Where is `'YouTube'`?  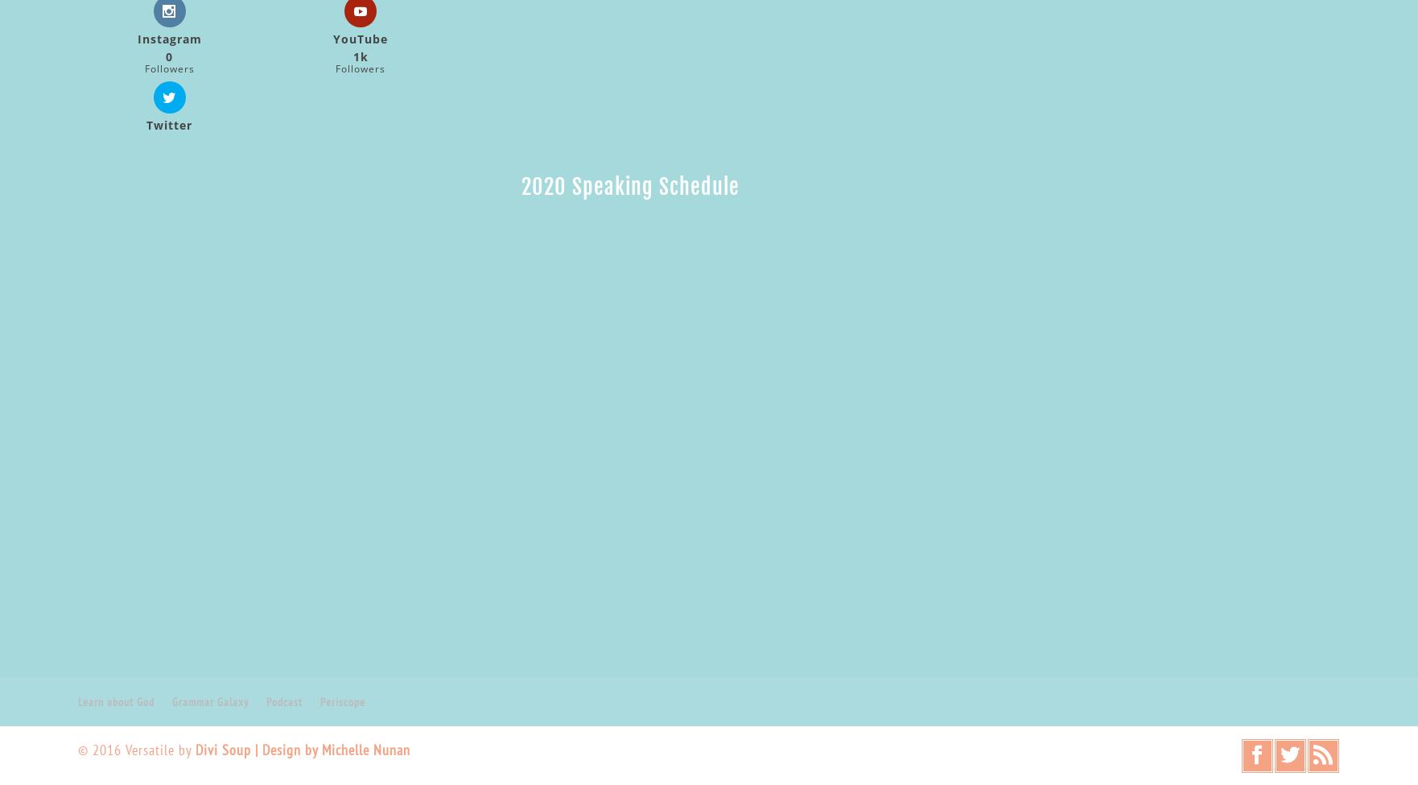
'YouTube' is located at coordinates (360, 39).